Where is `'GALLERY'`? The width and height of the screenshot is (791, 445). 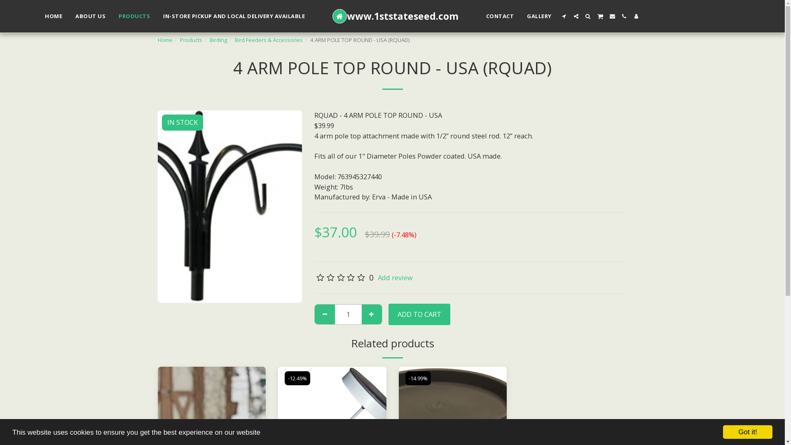
'GALLERY' is located at coordinates (539, 16).